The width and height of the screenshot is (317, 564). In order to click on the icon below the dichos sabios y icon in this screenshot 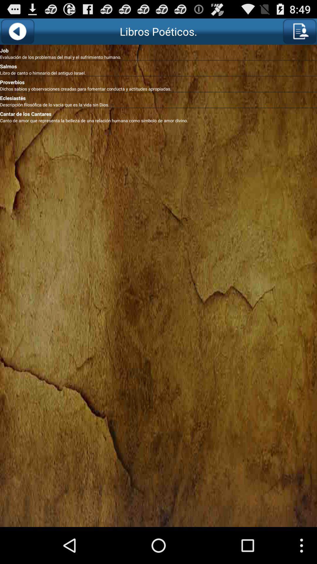, I will do `click(158, 97)`.